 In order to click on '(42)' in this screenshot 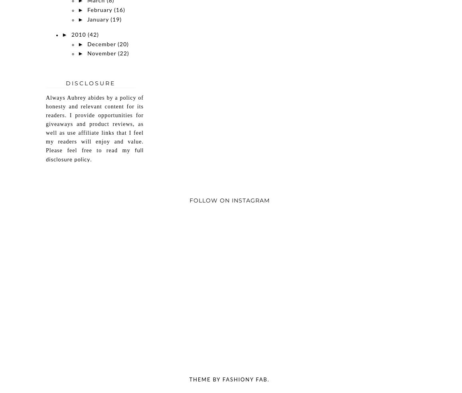, I will do `click(93, 34)`.